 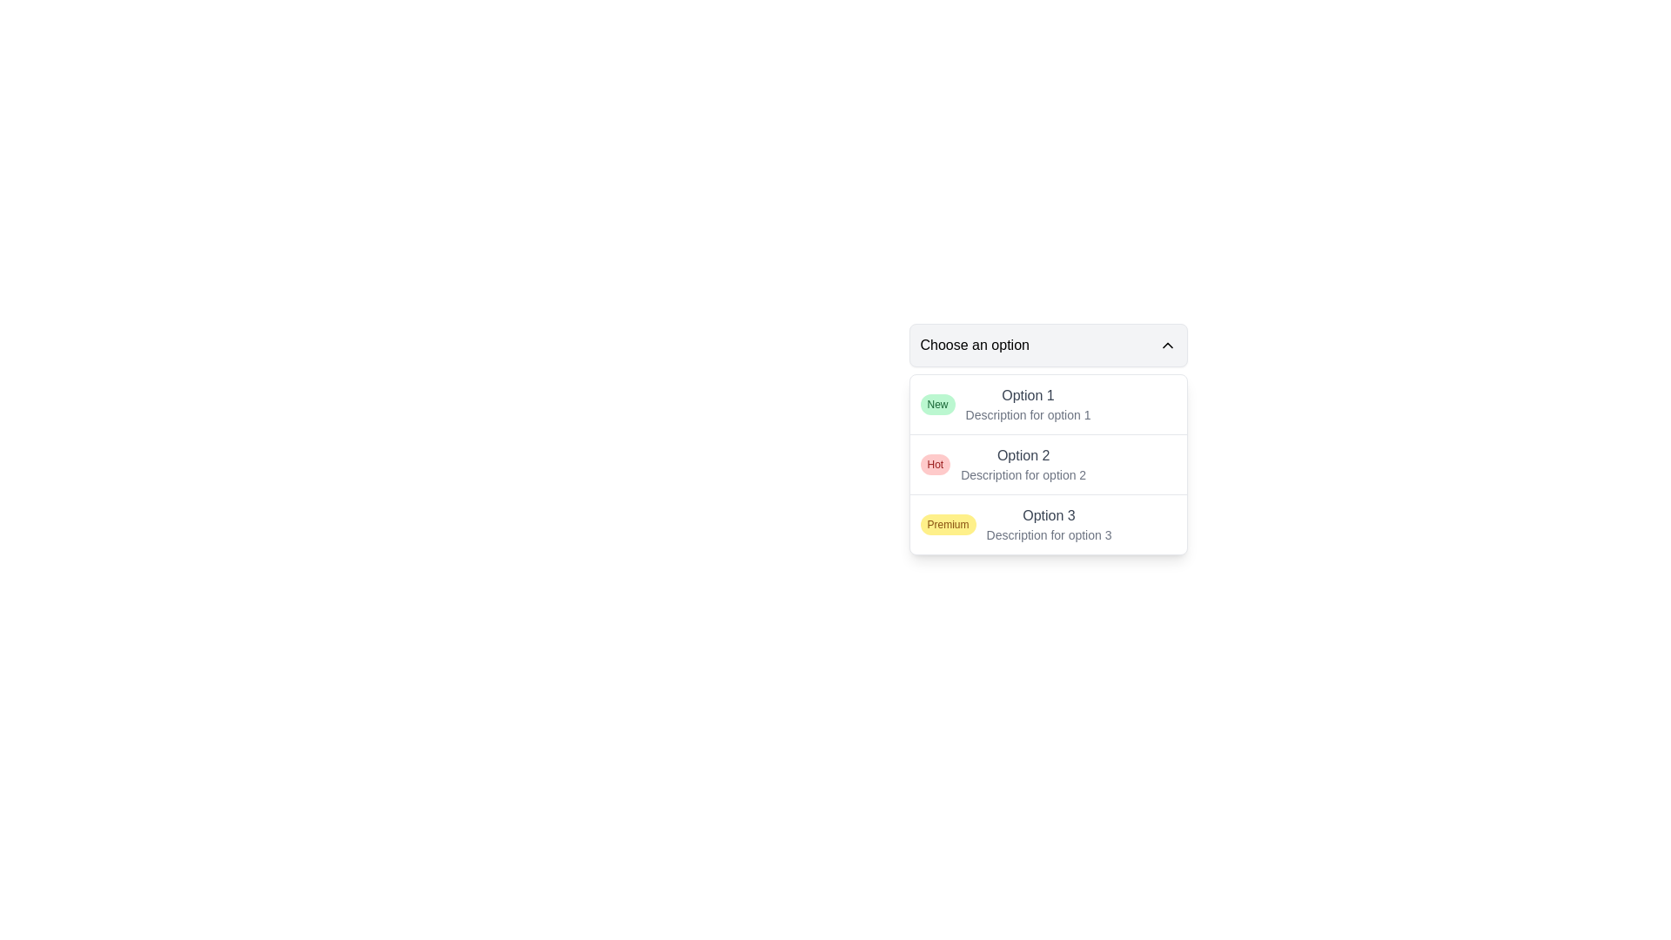 I want to click on the dropdown menu trigger button labeled 'Choose an option', so click(x=1047, y=346).